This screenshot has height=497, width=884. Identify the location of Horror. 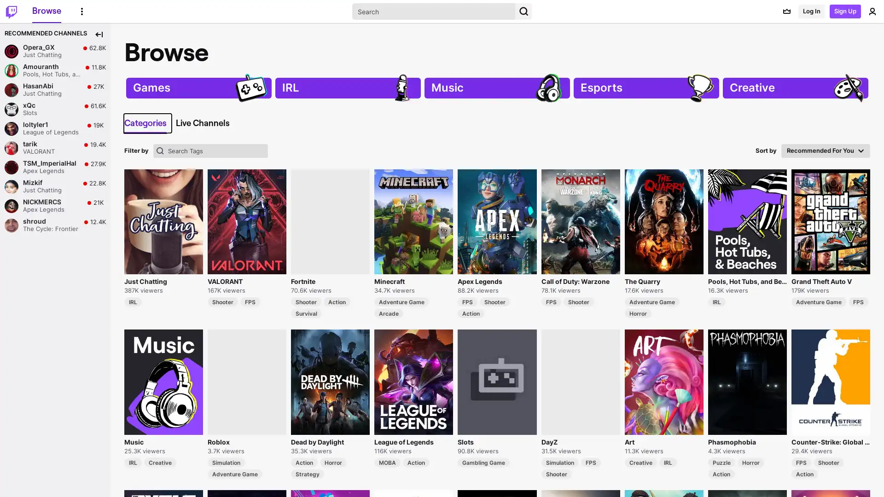
(333, 462).